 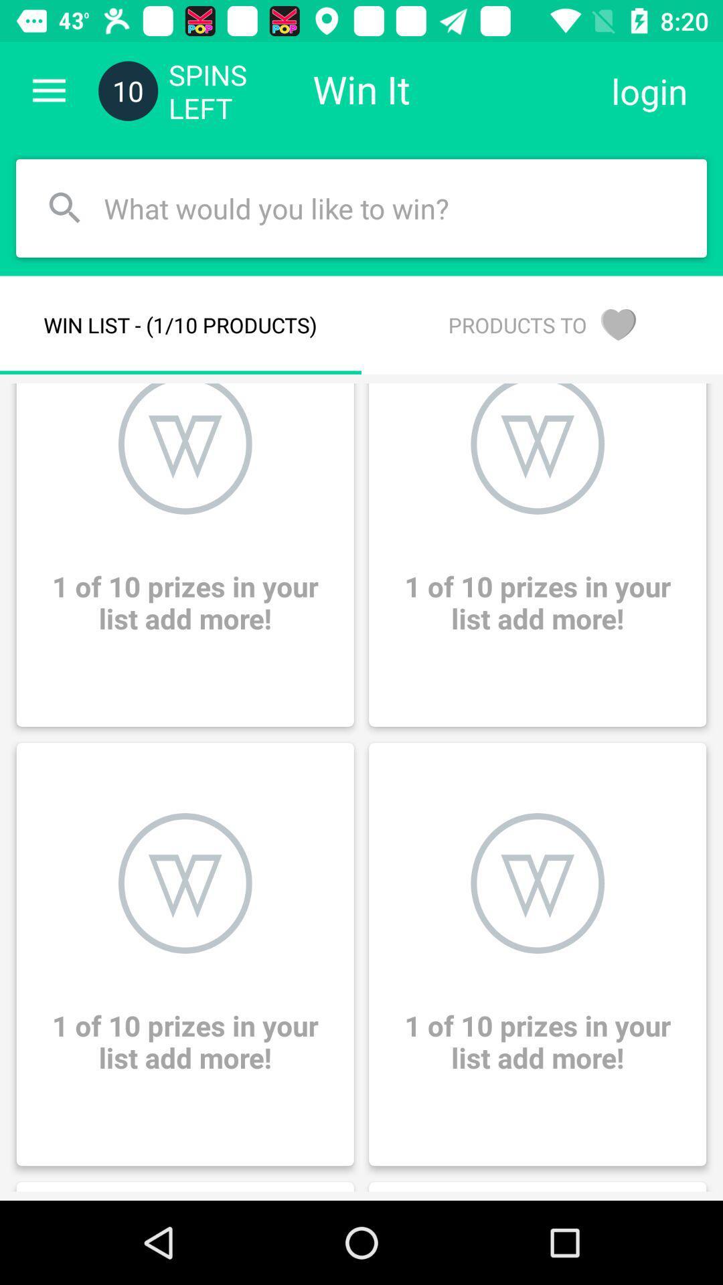 I want to click on icon above products to  icon, so click(x=649, y=90).